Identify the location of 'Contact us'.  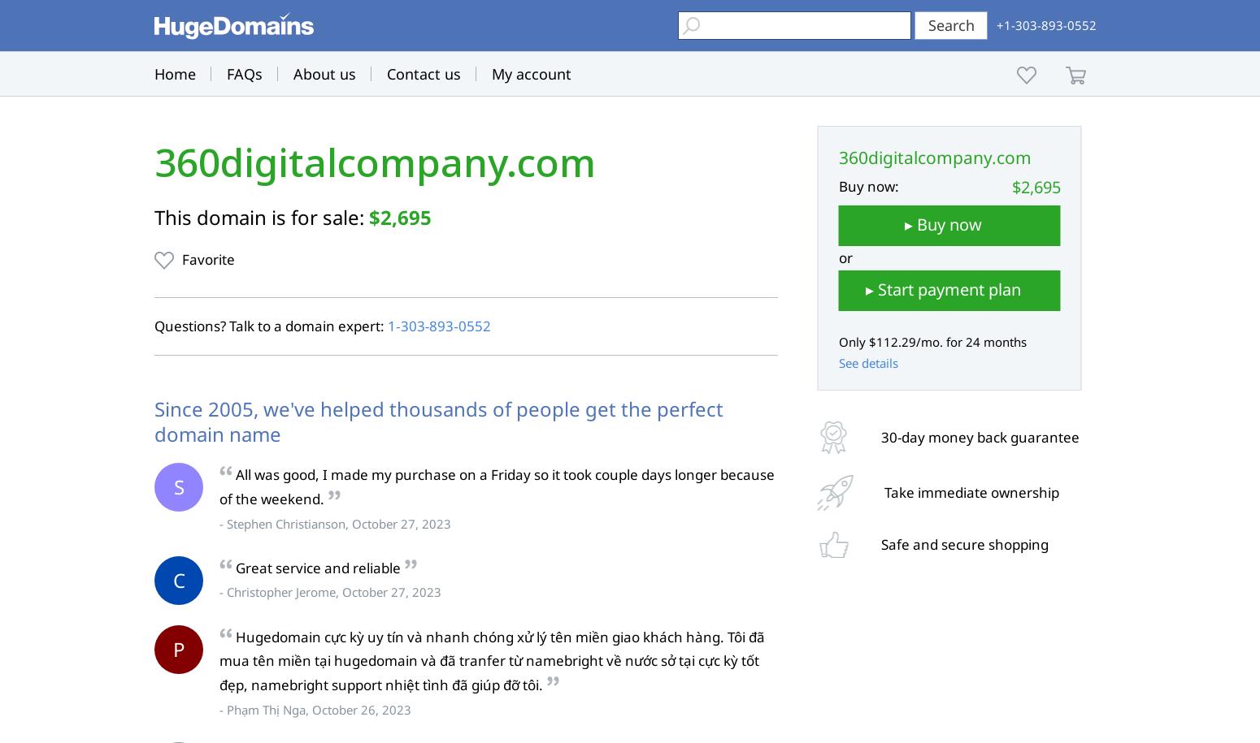
(423, 73).